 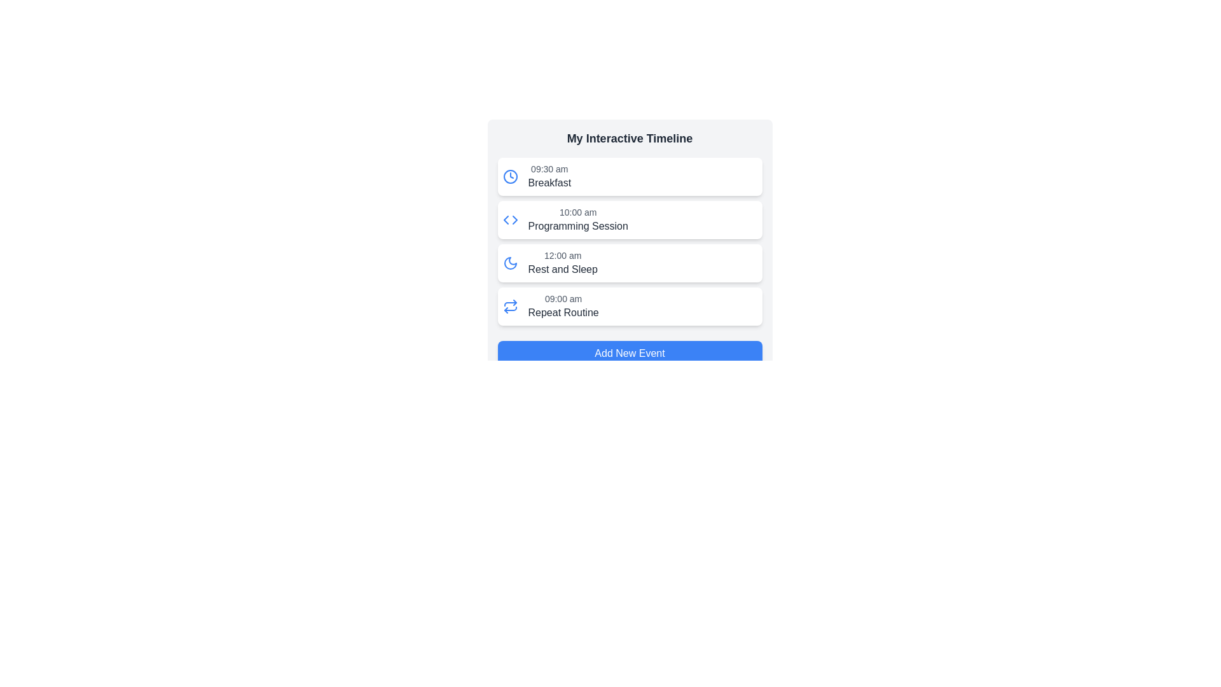 What do you see at coordinates (563, 307) in the screenshot?
I see `the adjacent interactive repeat icon next to the 'Repeat Routine' text display element, which shows a timestamp of '09:00 am' in a smaller gray font above the bold black text` at bounding box center [563, 307].